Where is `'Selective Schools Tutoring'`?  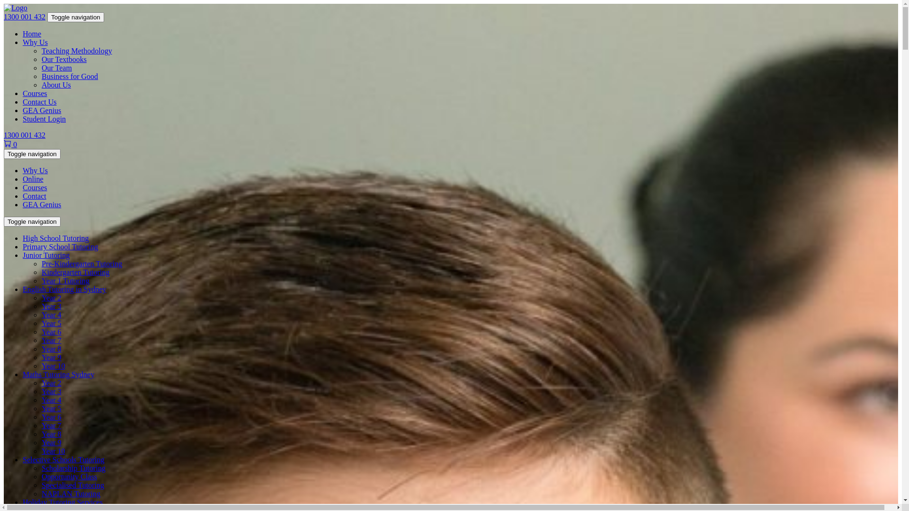 'Selective Schools Tutoring' is located at coordinates (23, 459).